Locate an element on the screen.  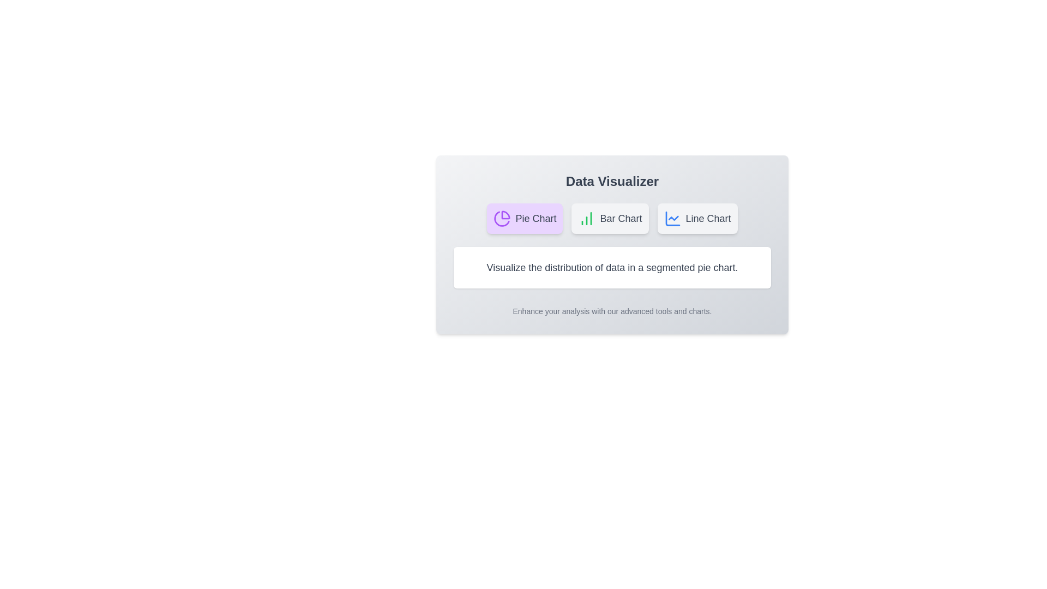
the button labeled 'Bar Chart' to observe hover effects is located at coordinates (609, 219).